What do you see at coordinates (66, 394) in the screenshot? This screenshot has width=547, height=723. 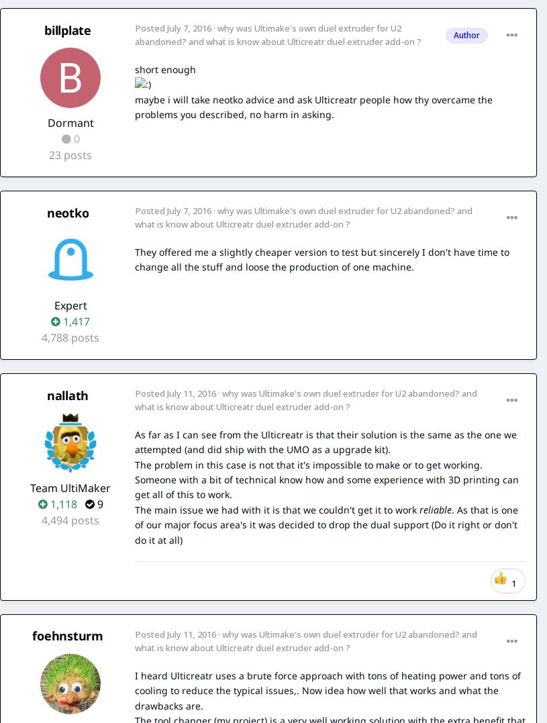 I see `'nallath'` at bounding box center [66, 394].